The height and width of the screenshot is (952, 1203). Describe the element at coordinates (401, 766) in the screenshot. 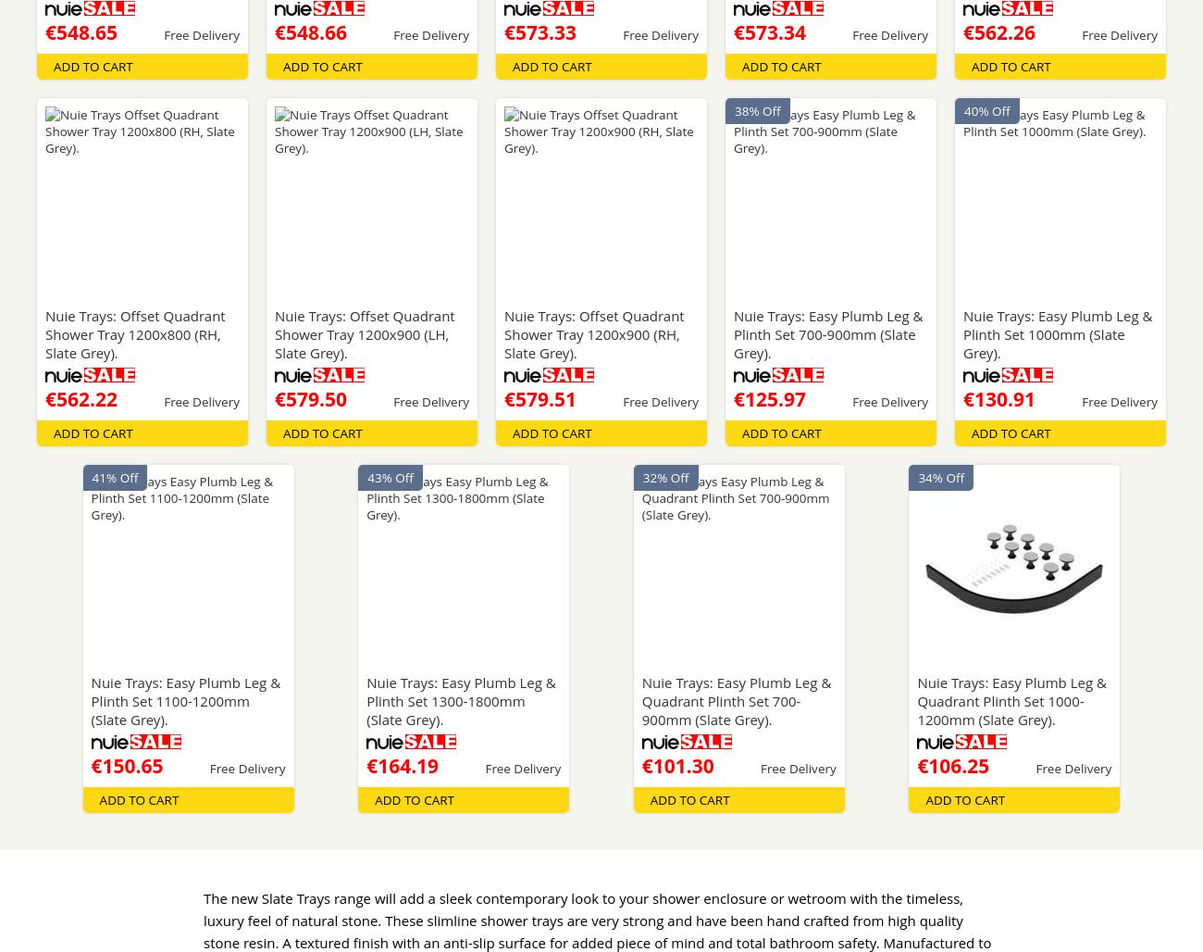

I see `'€164.19'` at that location.